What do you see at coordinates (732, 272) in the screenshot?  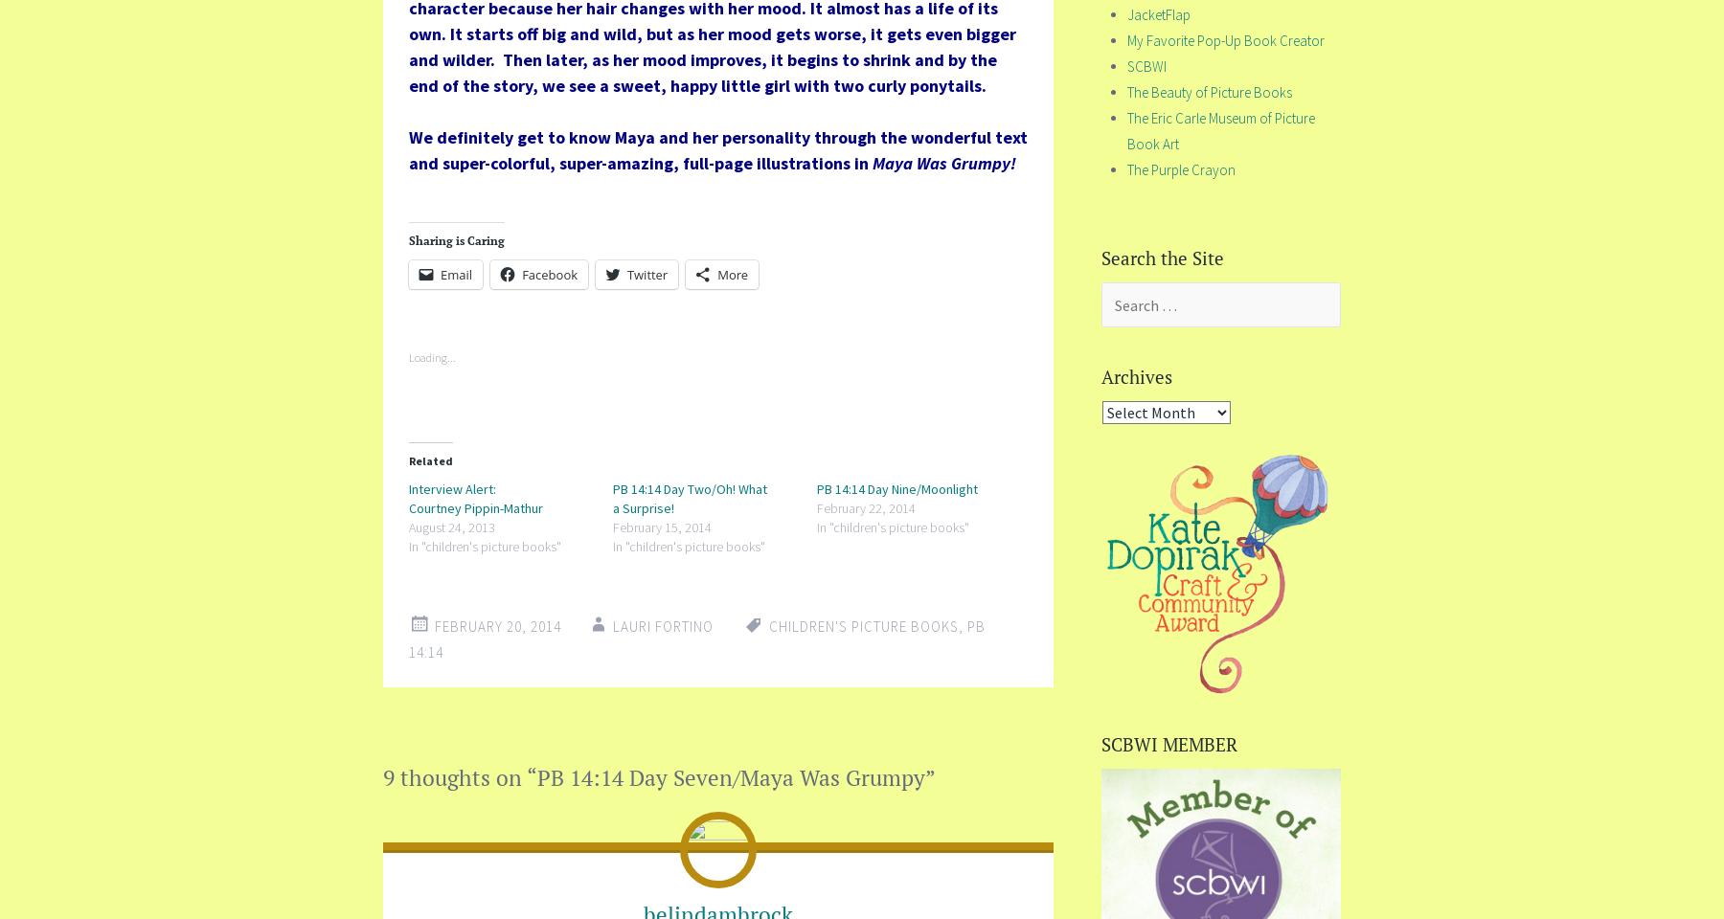 I see `'More'` at bounding box center [732, 272].